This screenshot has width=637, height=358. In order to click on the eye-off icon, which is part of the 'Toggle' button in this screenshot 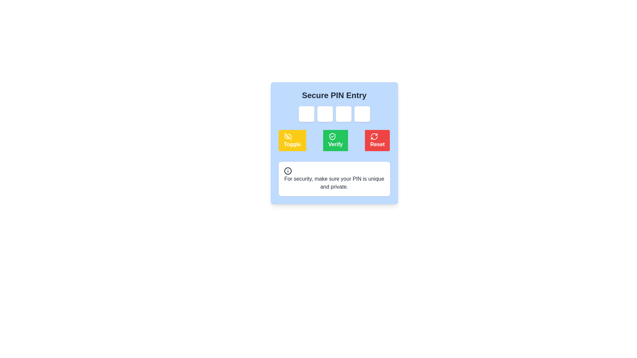, I will do `click(288, 136)`.